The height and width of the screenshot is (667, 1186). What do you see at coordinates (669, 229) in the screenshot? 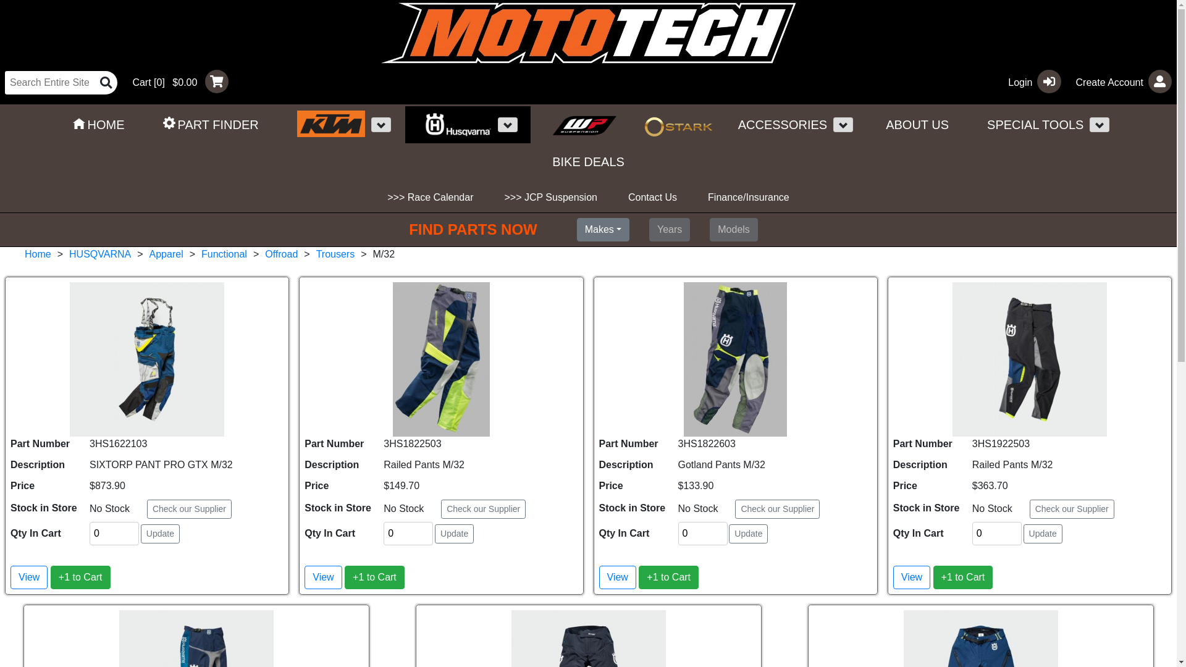
I see `'Years'` at bounding box center [669, 229].